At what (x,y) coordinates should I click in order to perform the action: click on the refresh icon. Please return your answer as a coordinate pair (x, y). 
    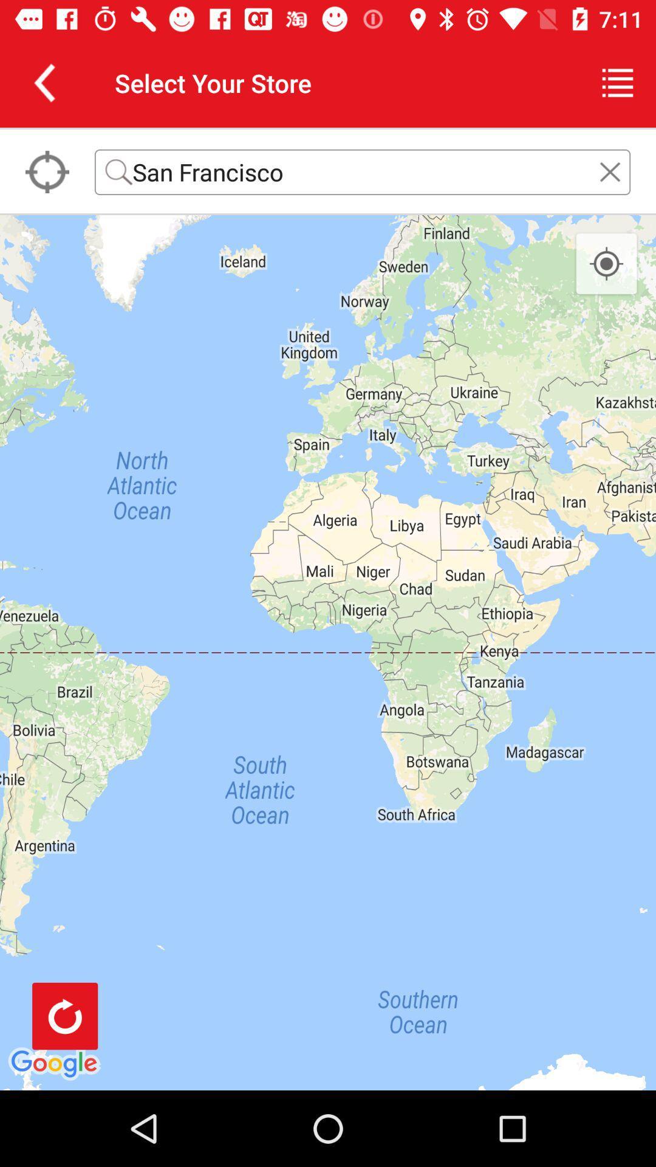
    Looking at the image, I should click on (65, 1016).